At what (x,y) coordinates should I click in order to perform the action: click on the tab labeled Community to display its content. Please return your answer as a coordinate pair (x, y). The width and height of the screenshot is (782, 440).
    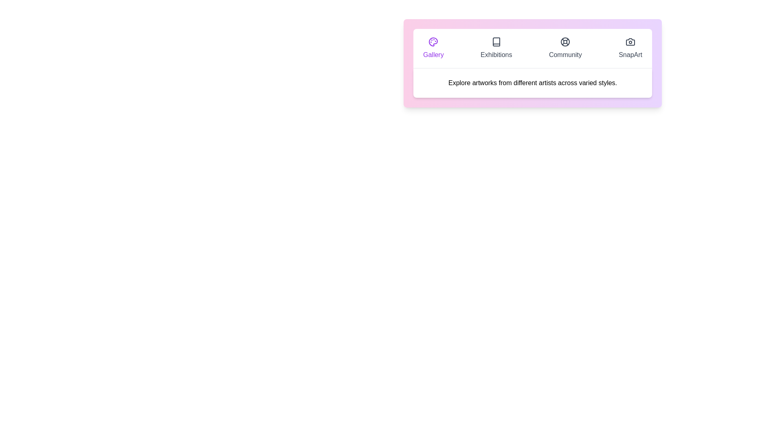
    Looking at the image, I should click on (565, 48).